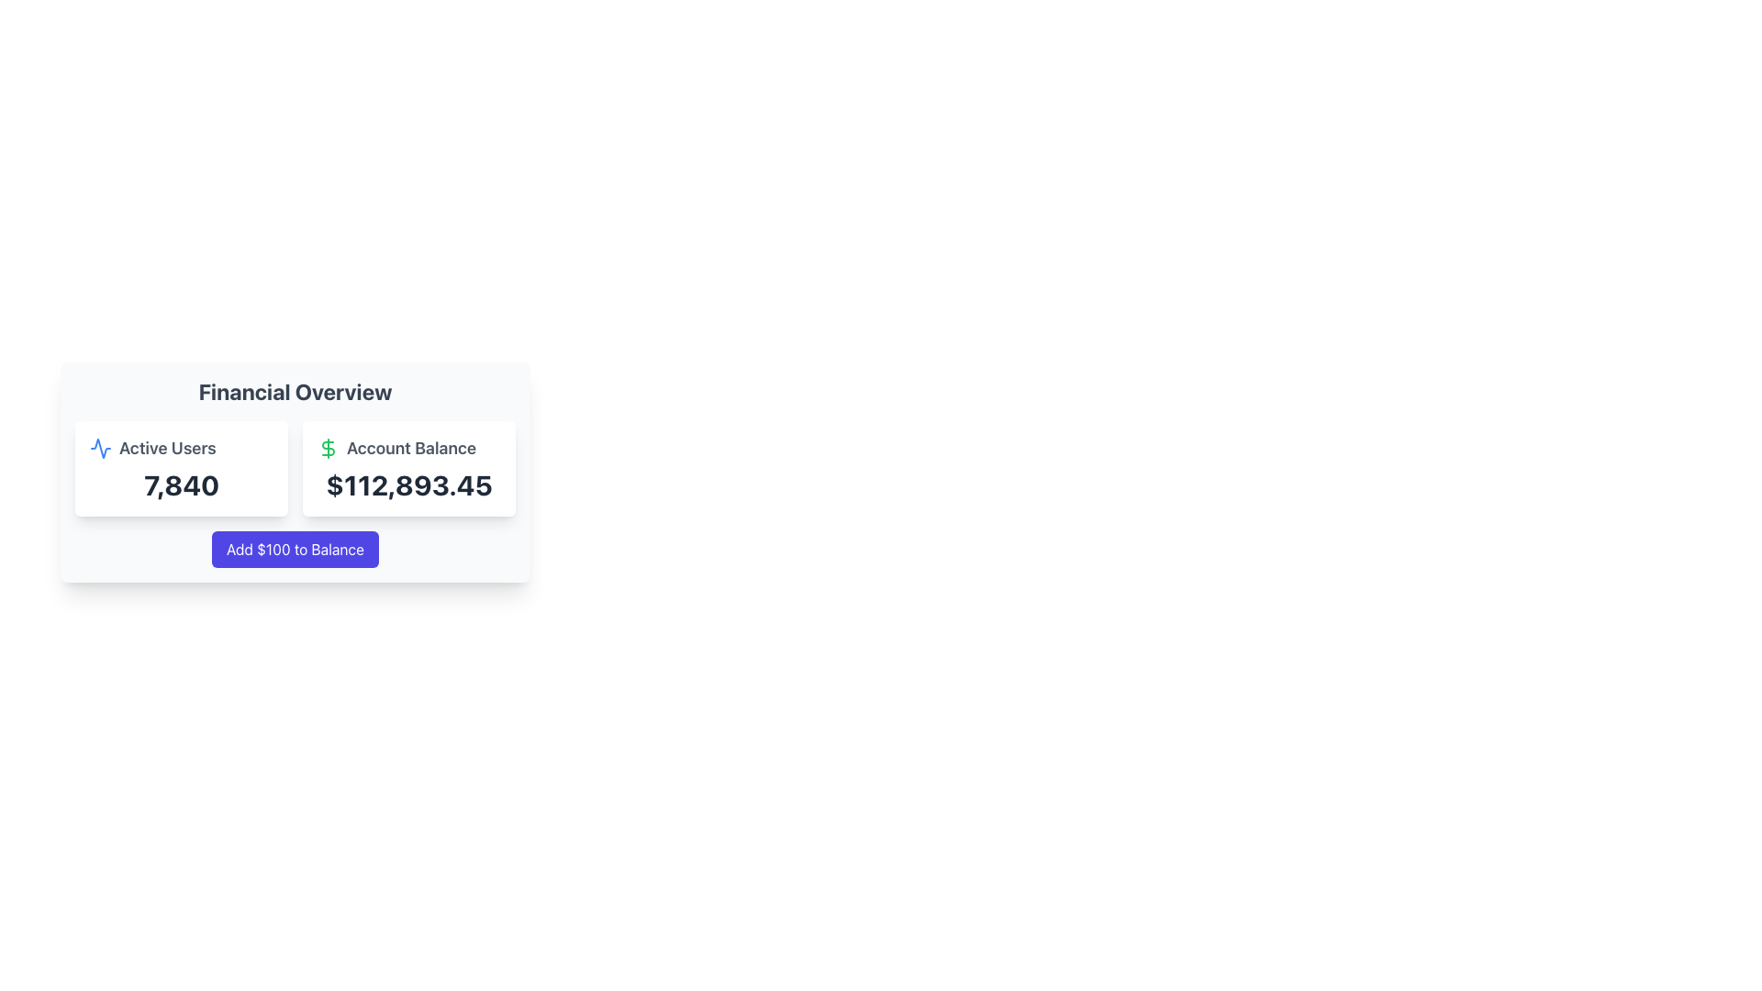 The height and width of the screenshot is (991, 1762). Describe the element at coordinates (100, 449) in the screenshot. I see `the icon located to the left of the 'Active Users' label in the 'Financial Overview' panel` at that location.